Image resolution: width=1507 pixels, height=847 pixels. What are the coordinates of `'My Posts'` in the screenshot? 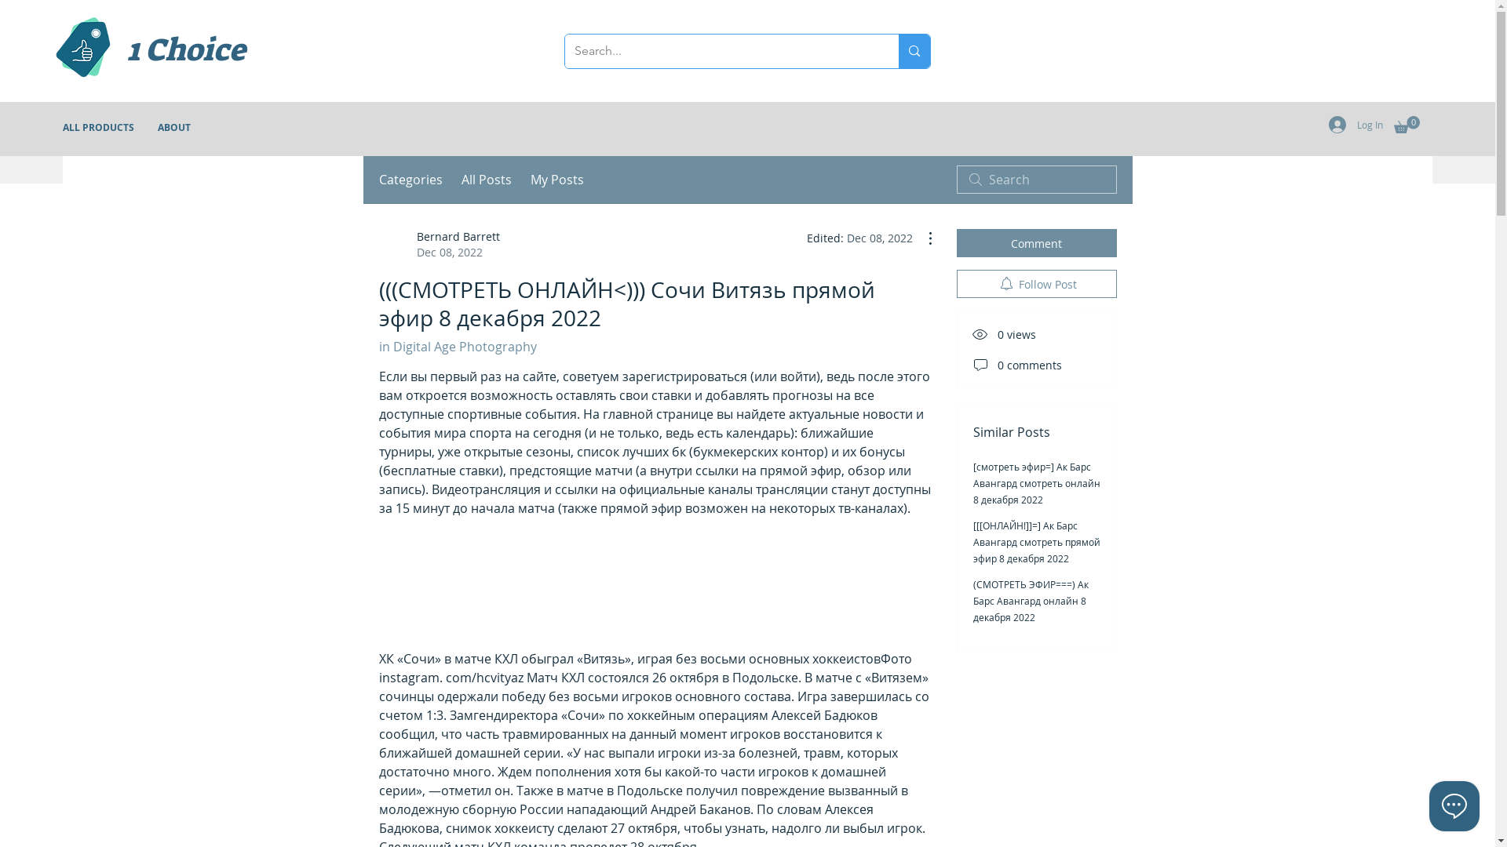 It's located at (557, 178).